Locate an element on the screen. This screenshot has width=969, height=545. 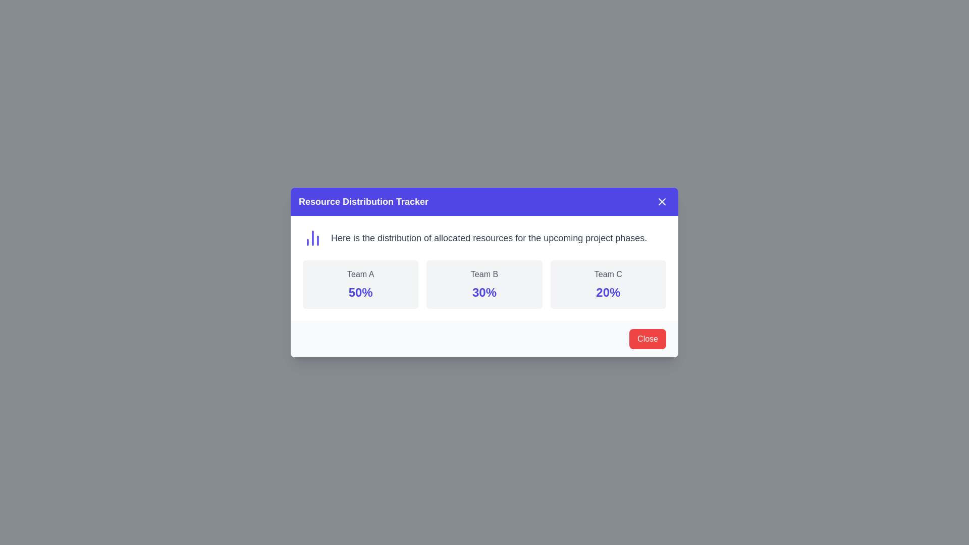
labels 'Team A', 'Team B', 'Team C' and their corresponding values '50%', '30%', '20%' from the horizontal card group located at the center-bottom of the modal dialog is located at coordinates (484, 284).